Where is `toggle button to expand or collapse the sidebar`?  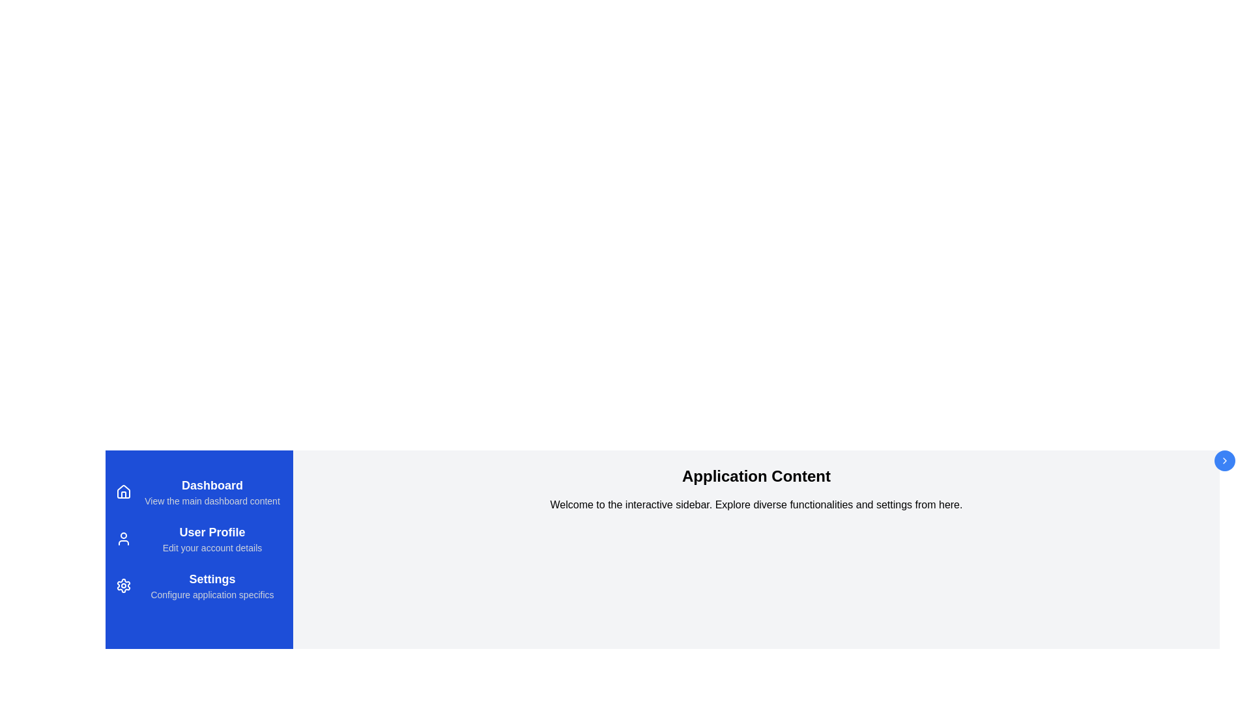 toggle button to expand or collapse the sidebar is located at coordinates (1224, 460).